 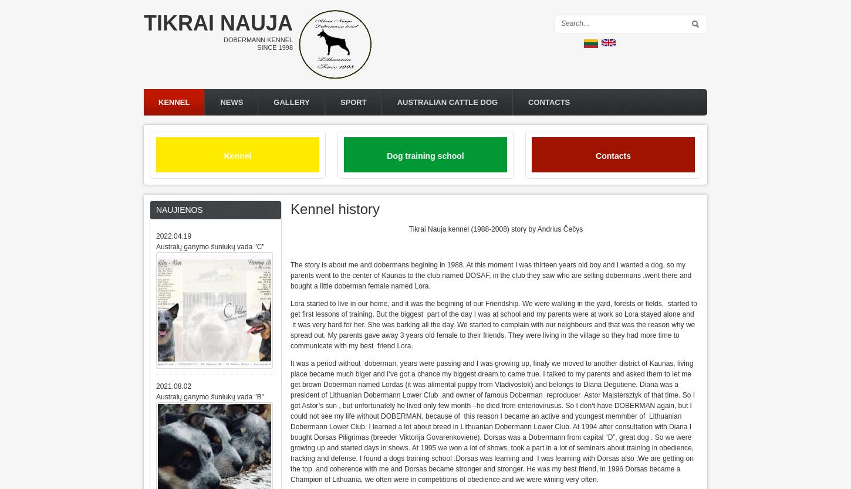 What do you see at coordinates (156, 235) in the screenshot?
I see `'2022.04.19'` at bounding box center [156, 235].